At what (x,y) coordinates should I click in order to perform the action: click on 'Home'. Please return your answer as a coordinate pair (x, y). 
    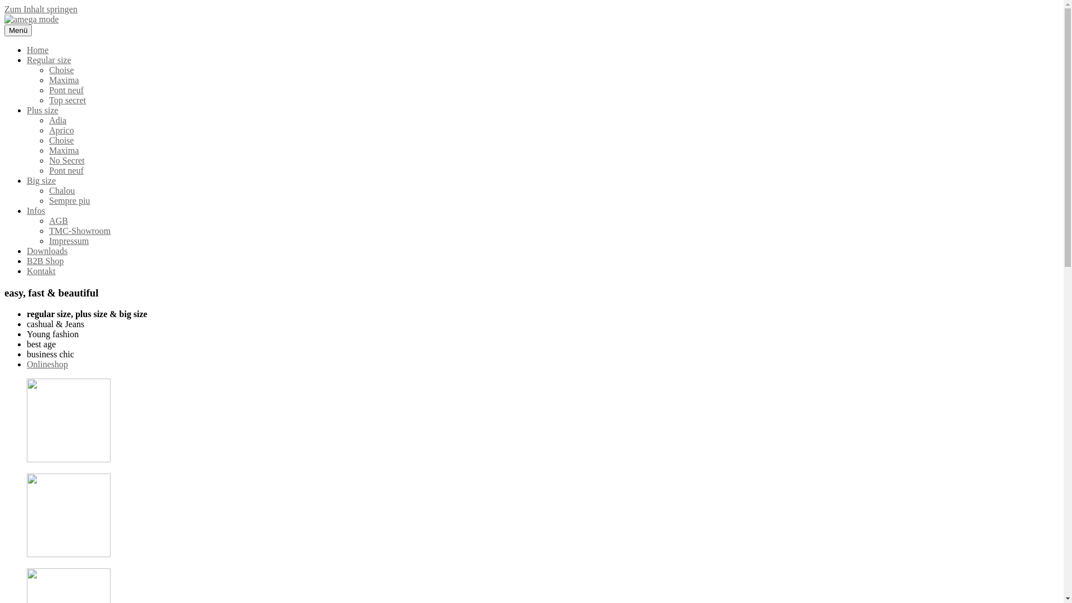
    Looking at the image, I should click on (37, 49).